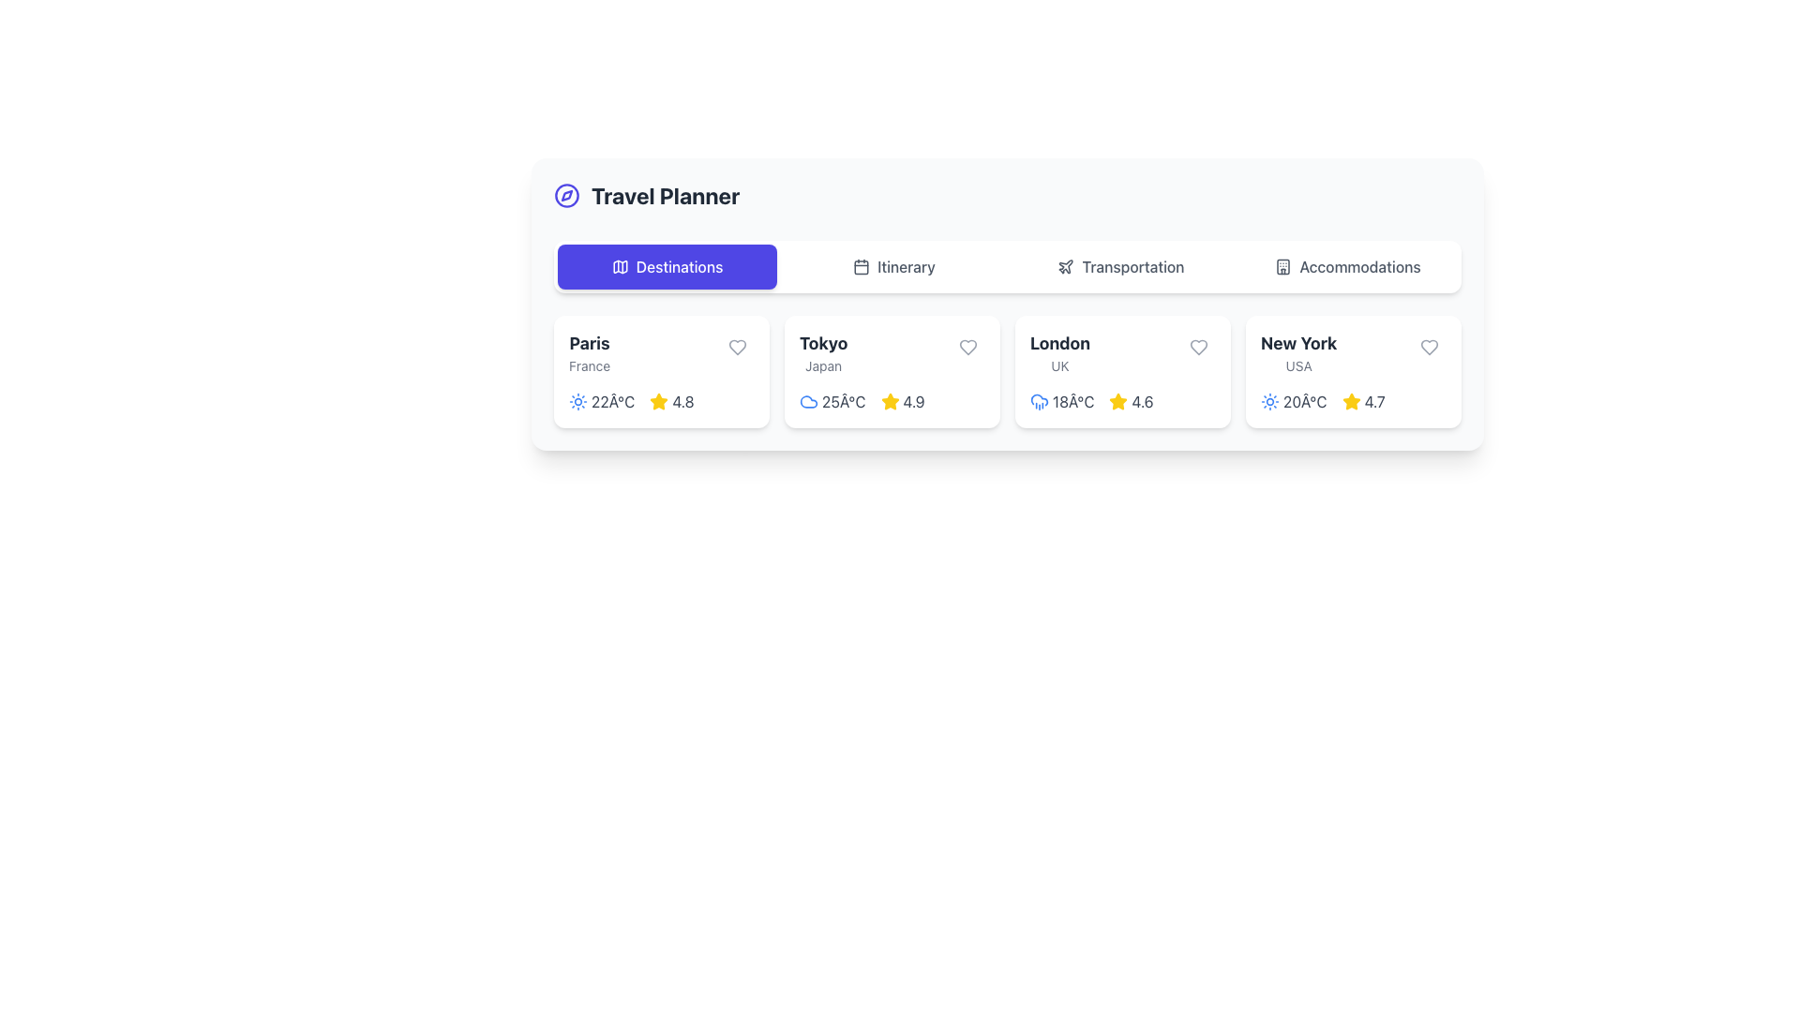 The height and width of the screenshot is (1012, 1800). I want to click on the button with an icon in the top-right corner of the 'London' card, so click(1197, 347).